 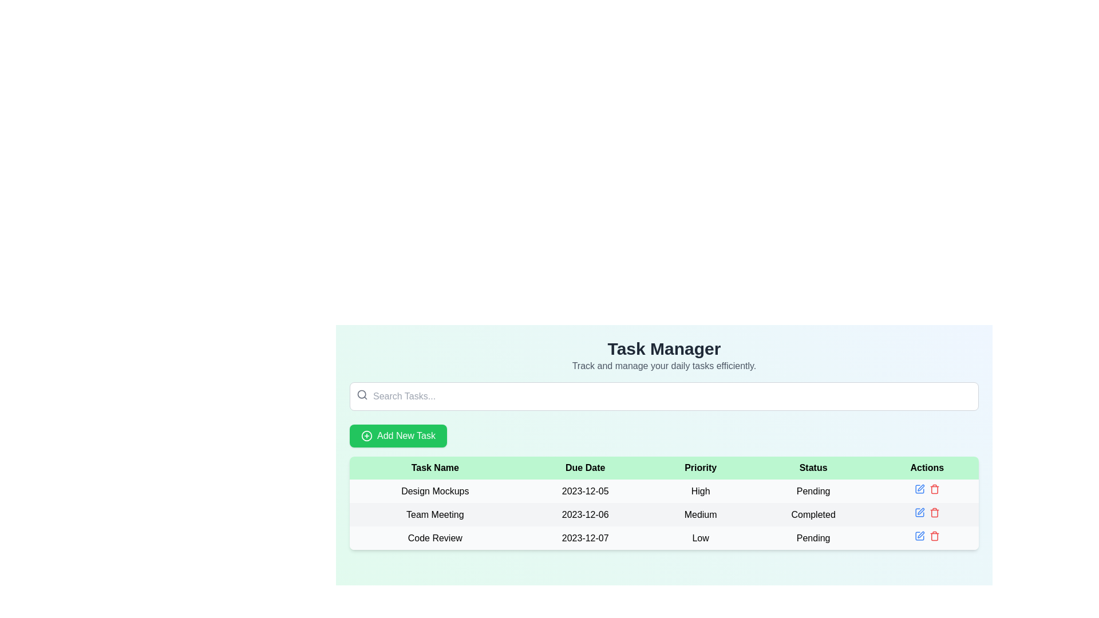 What do you see at coordinates (585, 468) in the screenshot?
I see `the 'Due Date' column header text label, which is positioned between 'Task Name' and 'Priority' in the table's header section` at bounding box center [585, 468].